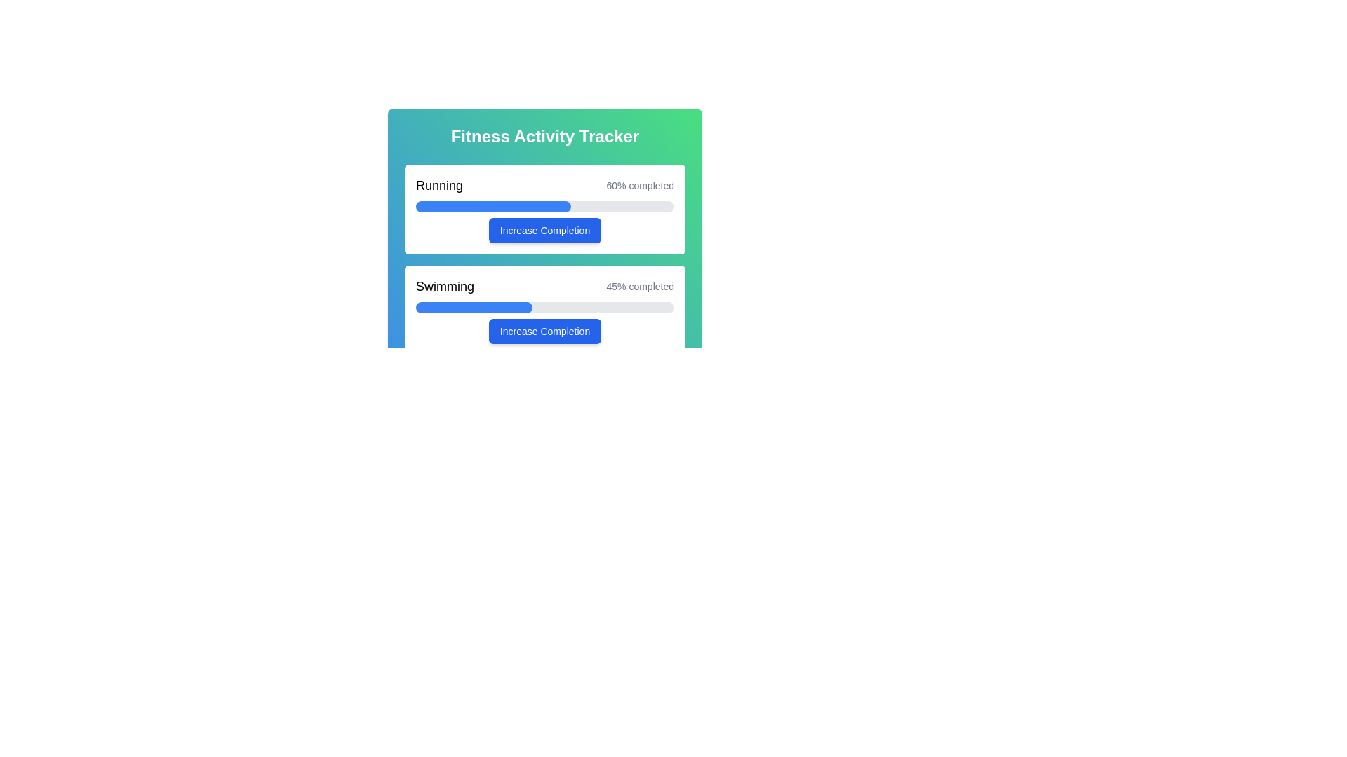 The image size is (1347, 757). What do you see at coordinates (544, 137) in the screenshot?
I see `the header text label 'Fitness Activity Tracker' which is styled with bold white text on a green-to-blue gradient background` at bounding box center [544, 137].